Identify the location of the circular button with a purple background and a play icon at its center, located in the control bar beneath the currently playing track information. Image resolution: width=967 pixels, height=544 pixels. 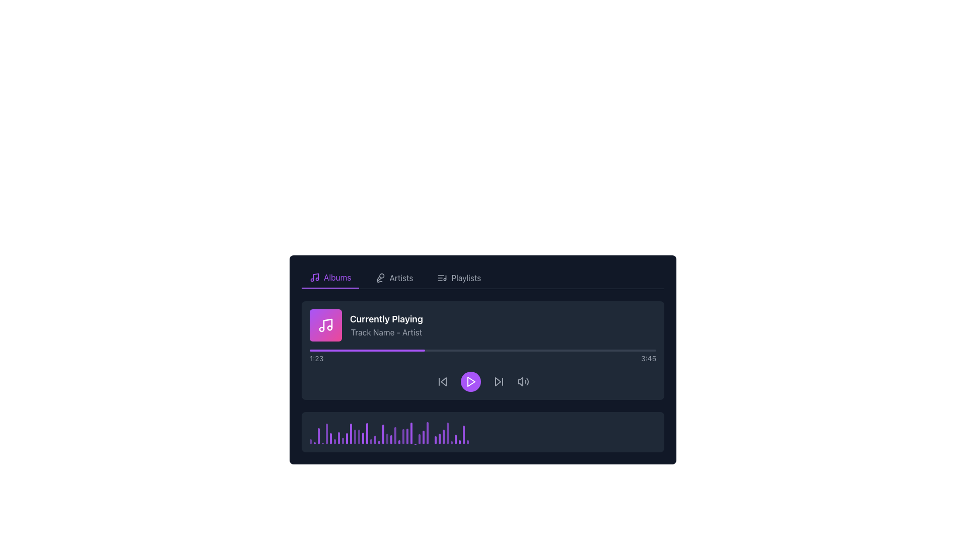
(470, 382).